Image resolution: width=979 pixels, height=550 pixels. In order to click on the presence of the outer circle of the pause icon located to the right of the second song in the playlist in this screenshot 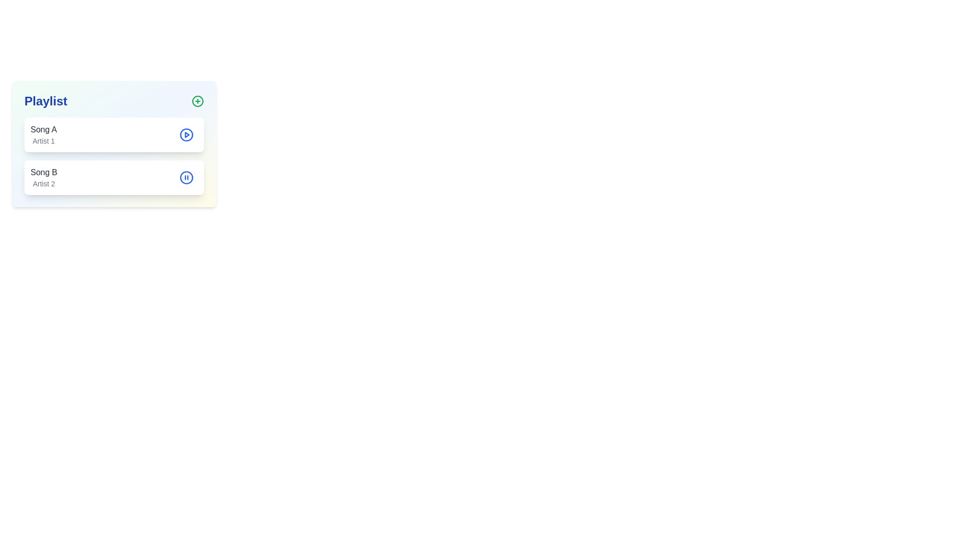, I will do `click(186, 177)`.